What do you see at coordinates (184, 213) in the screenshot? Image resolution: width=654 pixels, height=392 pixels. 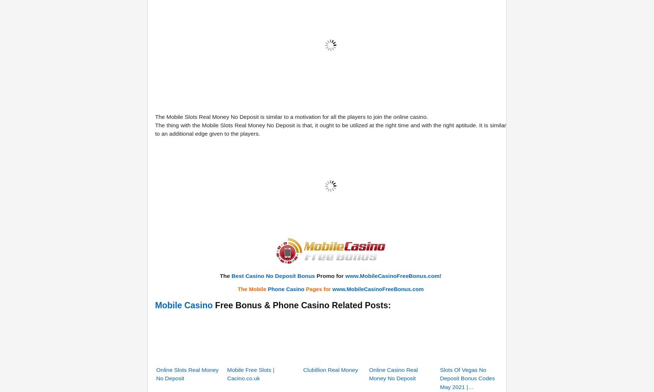 I see `'Mobile Casino'` at bounding box center [184, 213].